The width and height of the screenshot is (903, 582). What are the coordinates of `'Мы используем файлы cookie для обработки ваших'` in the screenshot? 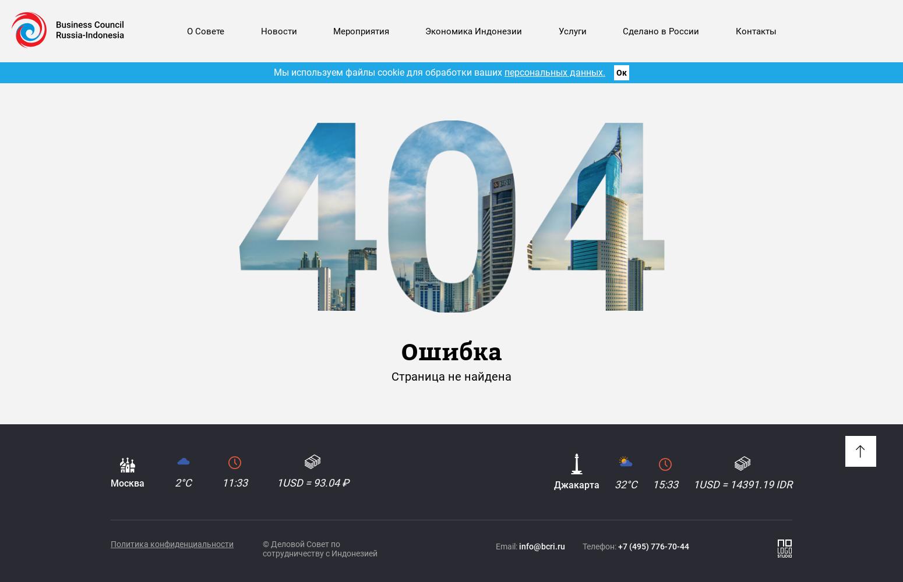 It's located at (389, 72).